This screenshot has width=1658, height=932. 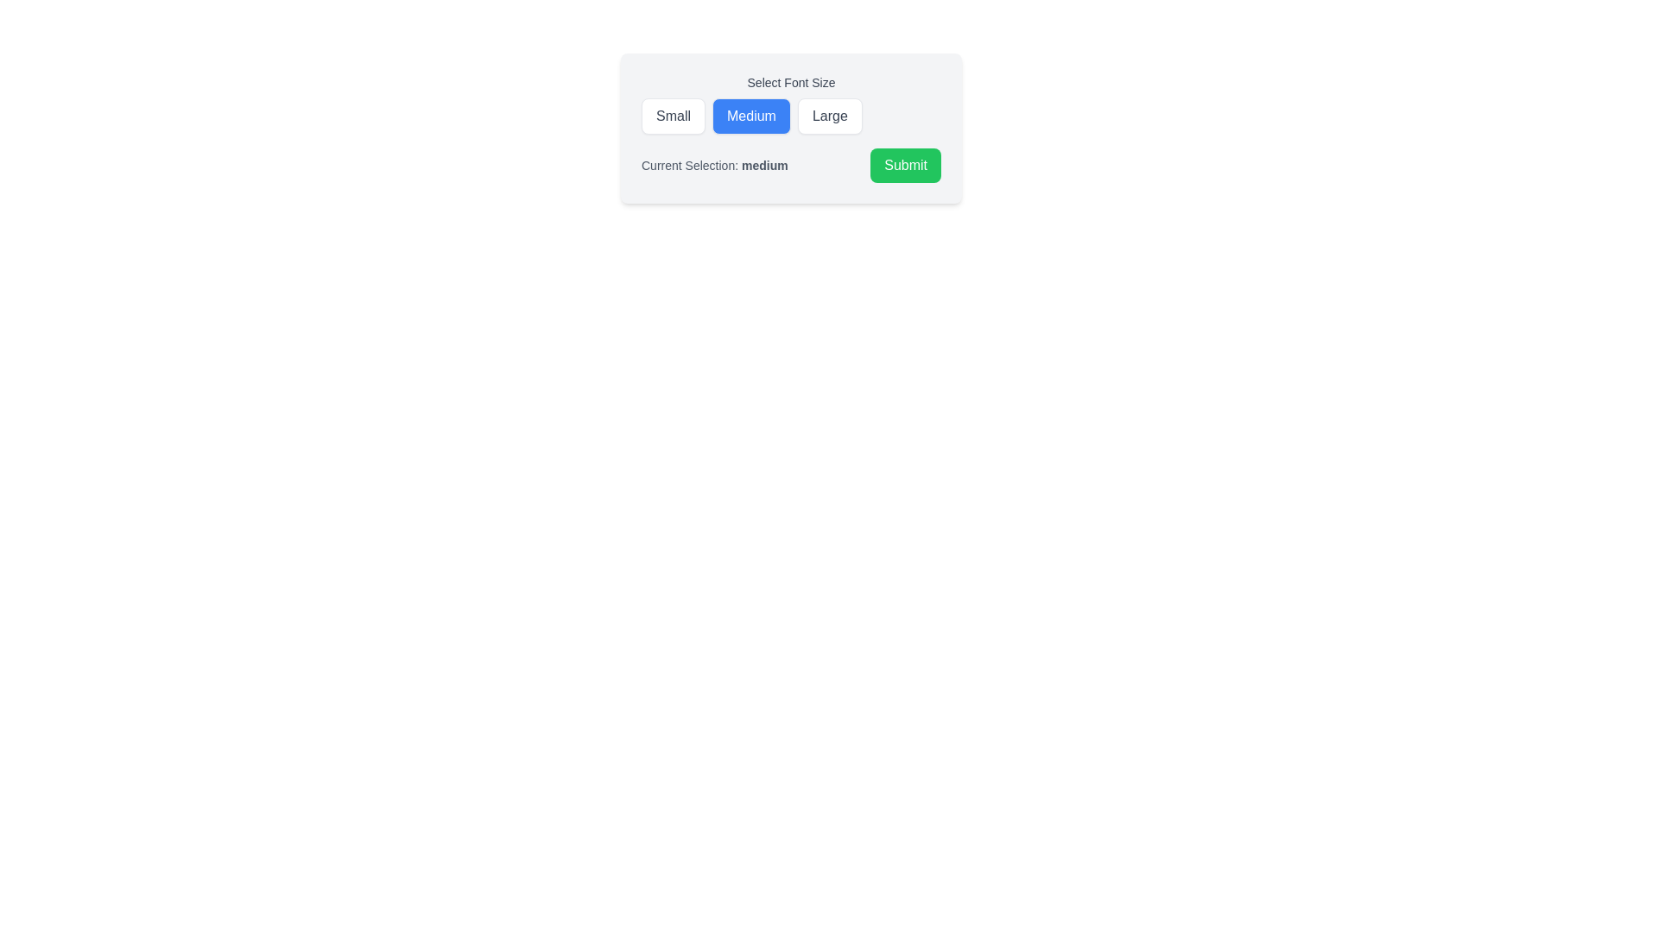 What do you see at coordinates (751, 116) in the screenshot?
I see `the button labeled 'Medium', which has a blue background and white text` at bounding box center [751, 116].